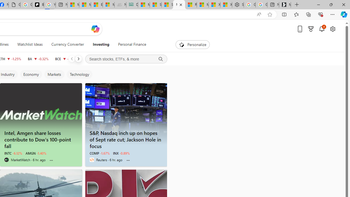  Describe the element at coordinates (66, 59) in the screenshot. I see `'BCE BCE Inc decrease 34.55 -0.07 -0.20%'` at that location.